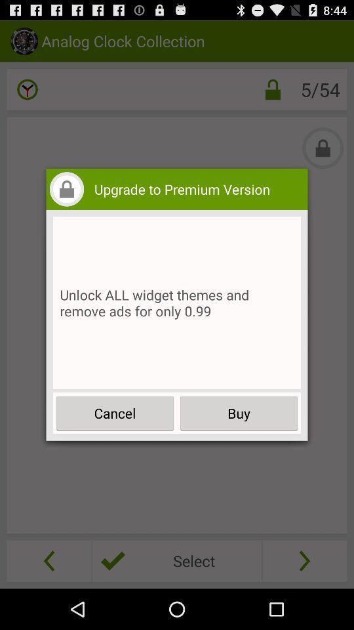 This screenshot has width=354, height=630. Describe the element at coordinates (238, 412) in the screenshot. I see `button next to cancel item` at that location.